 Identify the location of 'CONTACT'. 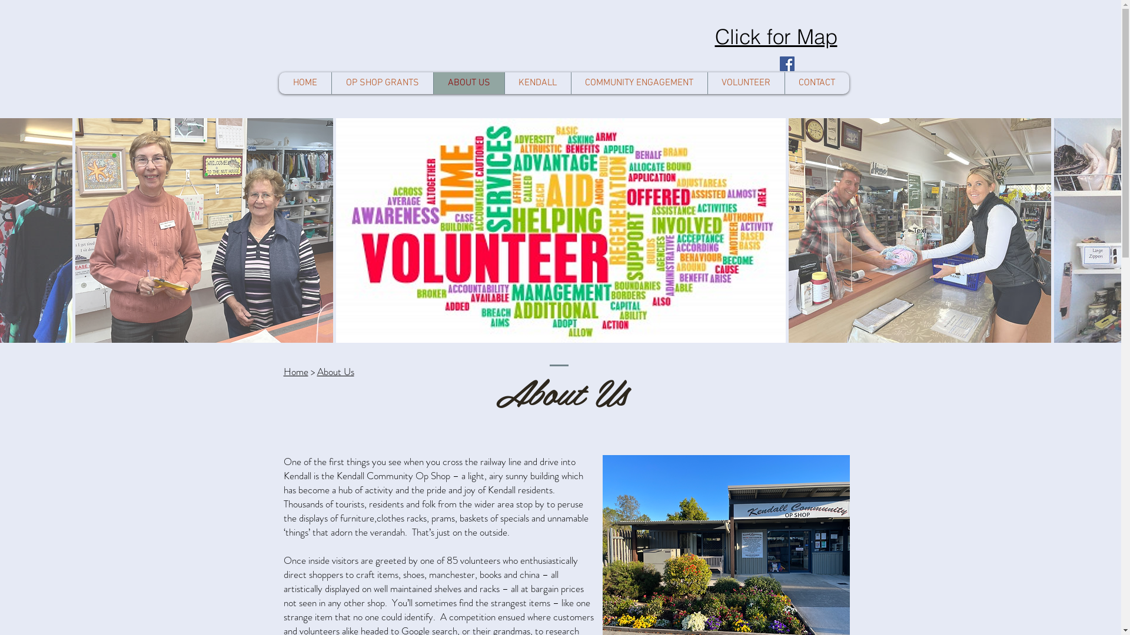
(816, 82).